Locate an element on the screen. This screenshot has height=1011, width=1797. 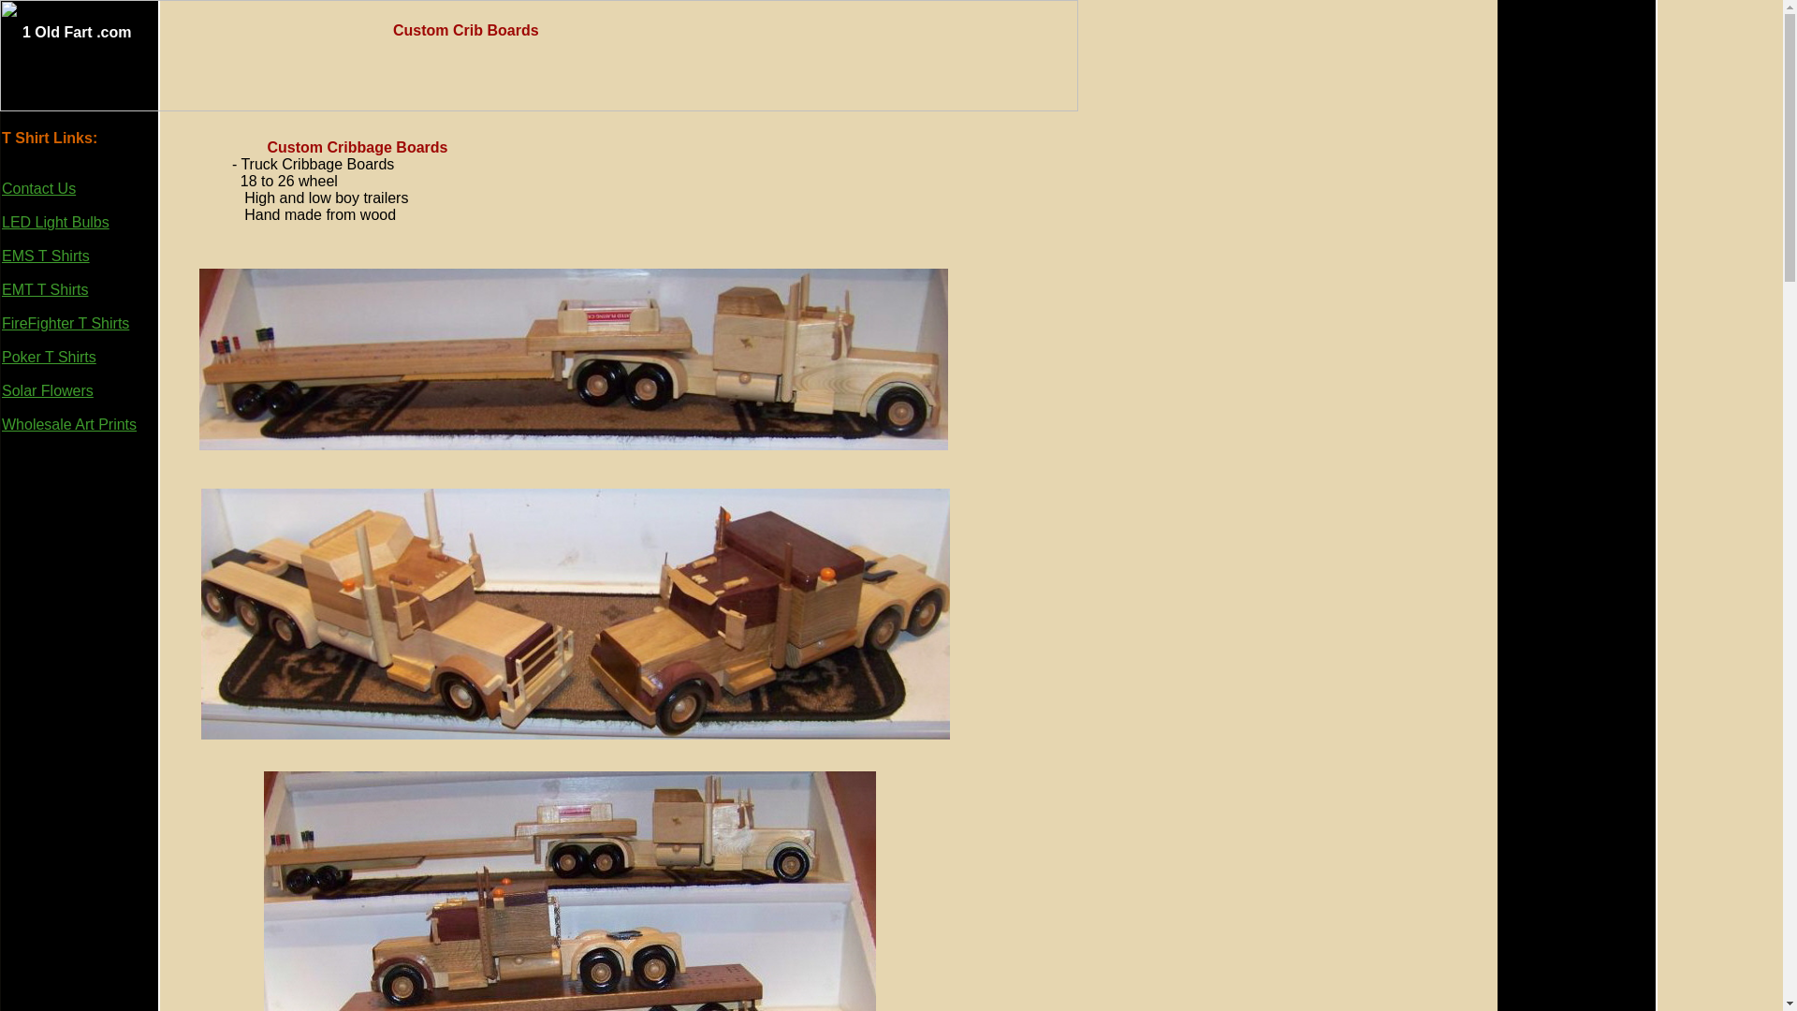
'EMT T Shirts' is located at coordinates (45, 289).